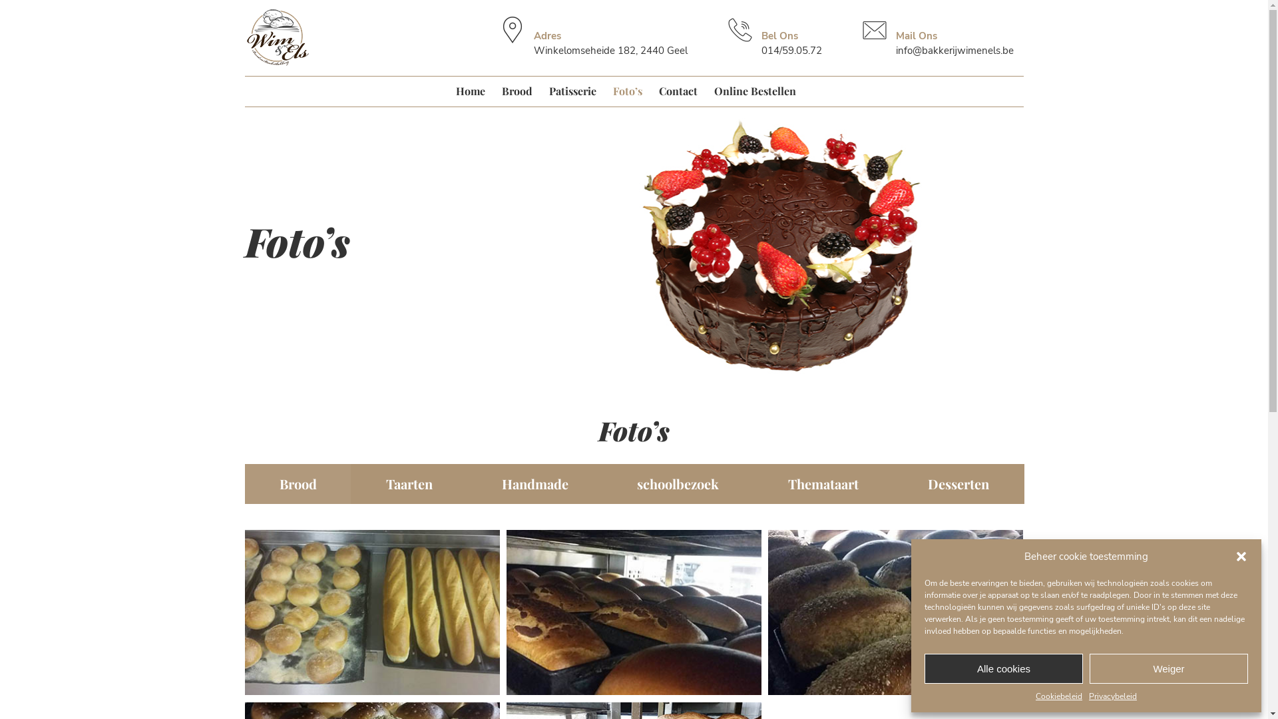  Describe the element at coordinates (1168, 668) in the screenshot. I see `'Weiger'` at that location.